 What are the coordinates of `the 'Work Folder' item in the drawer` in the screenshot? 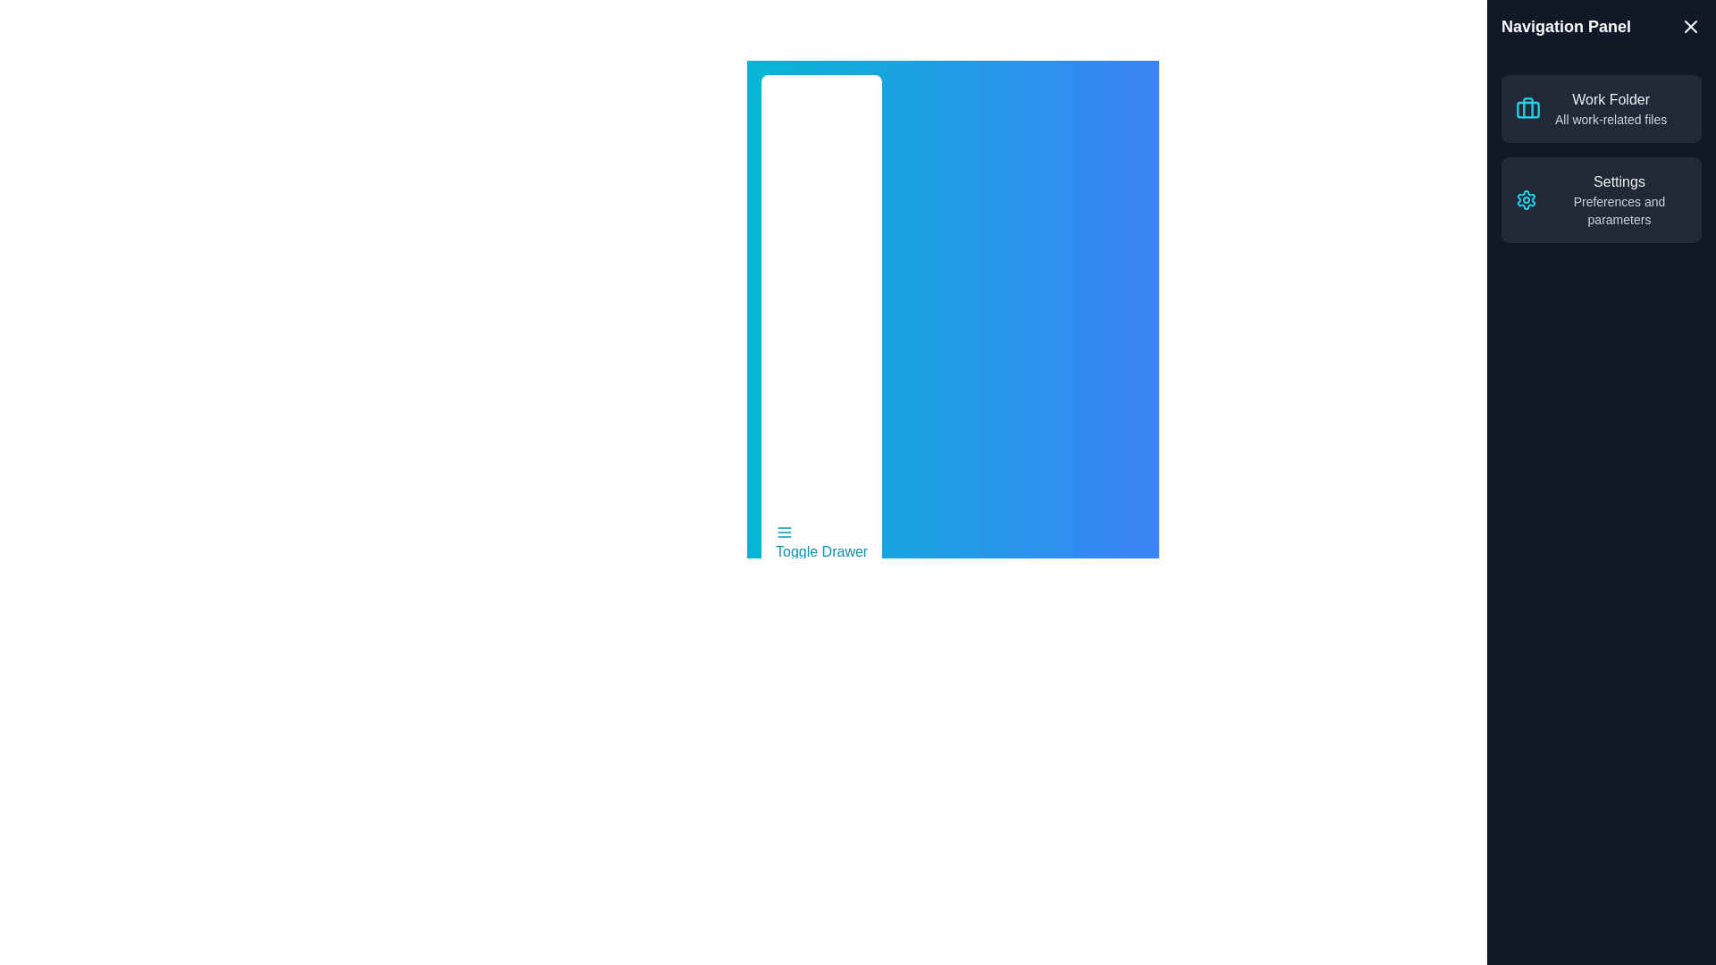 It's located at (1610, 99).